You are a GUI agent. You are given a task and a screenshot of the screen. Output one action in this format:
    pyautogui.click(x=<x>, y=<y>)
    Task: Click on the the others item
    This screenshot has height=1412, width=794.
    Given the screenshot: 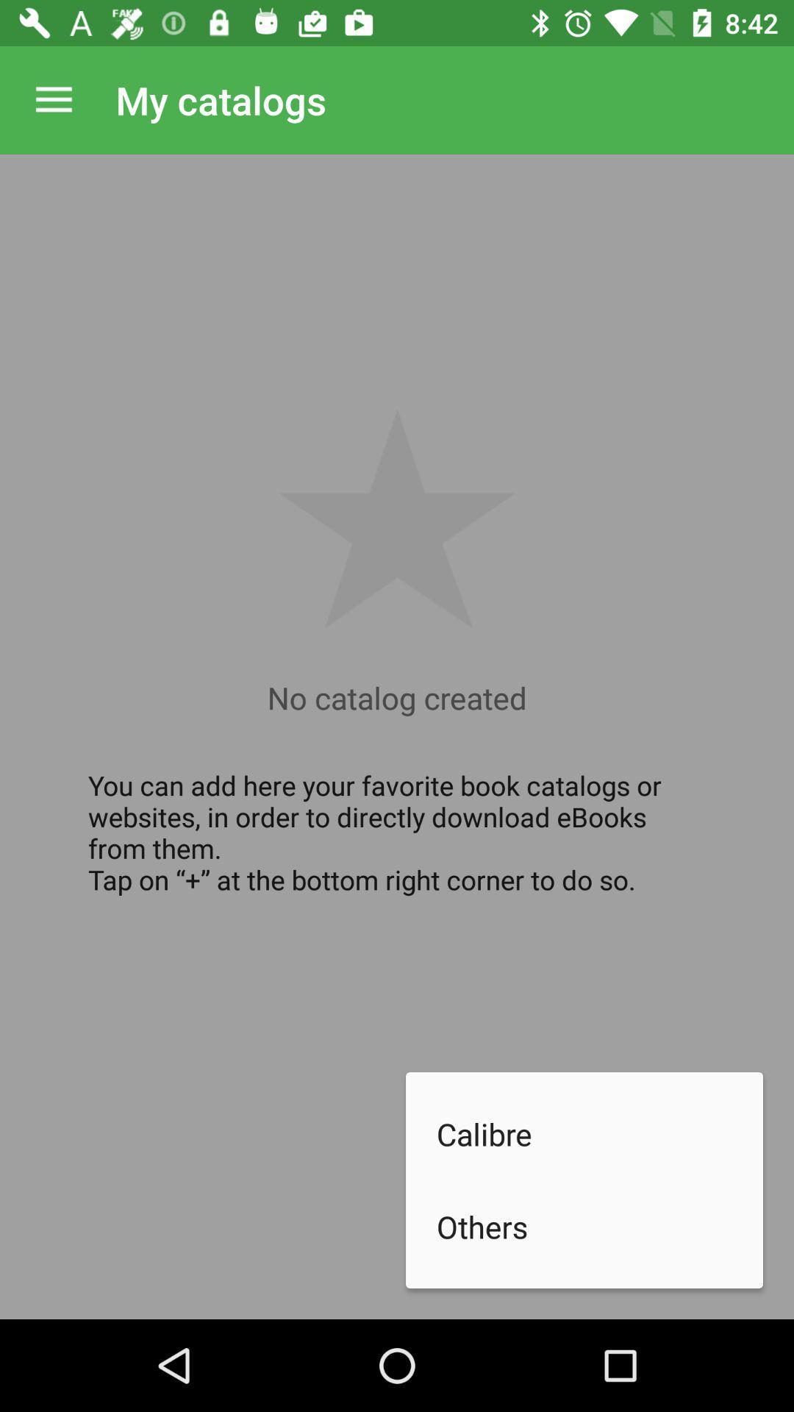 What is the action you would take?
    pyautogui.click(x=600, y=1227)
    